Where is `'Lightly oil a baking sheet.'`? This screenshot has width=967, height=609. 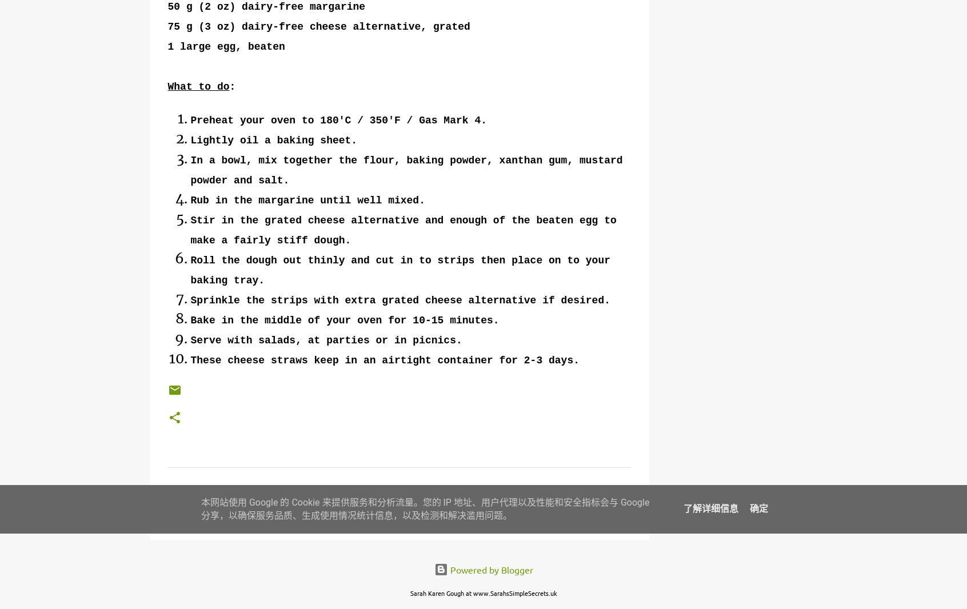
'Lightly oil a baking sheet.' is located at coordinates (189, 140).